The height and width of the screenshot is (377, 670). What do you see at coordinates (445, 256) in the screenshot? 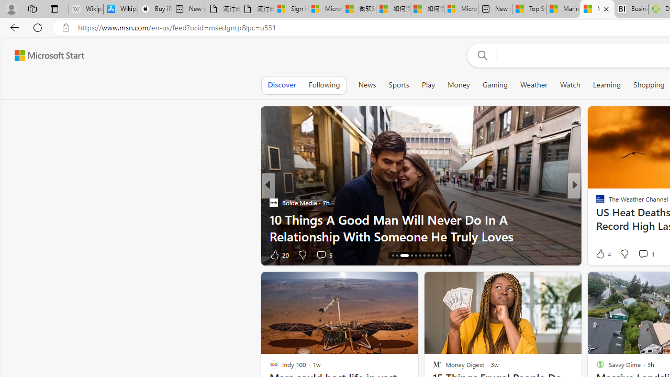
I see `'AutomationID: tab-25'` at bounding box center [445, 256].